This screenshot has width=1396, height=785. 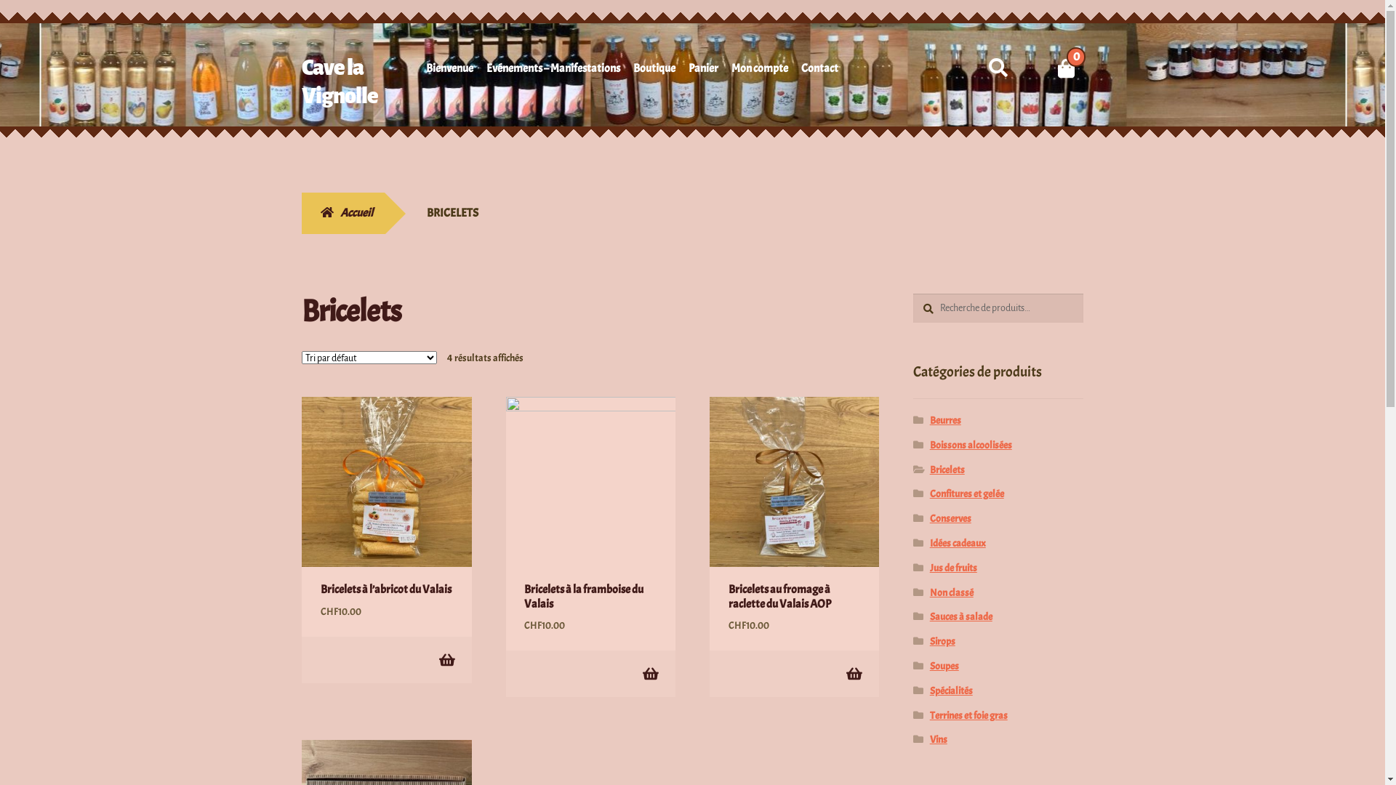 I want to click on 'Contact', so click(x=801, y=71).